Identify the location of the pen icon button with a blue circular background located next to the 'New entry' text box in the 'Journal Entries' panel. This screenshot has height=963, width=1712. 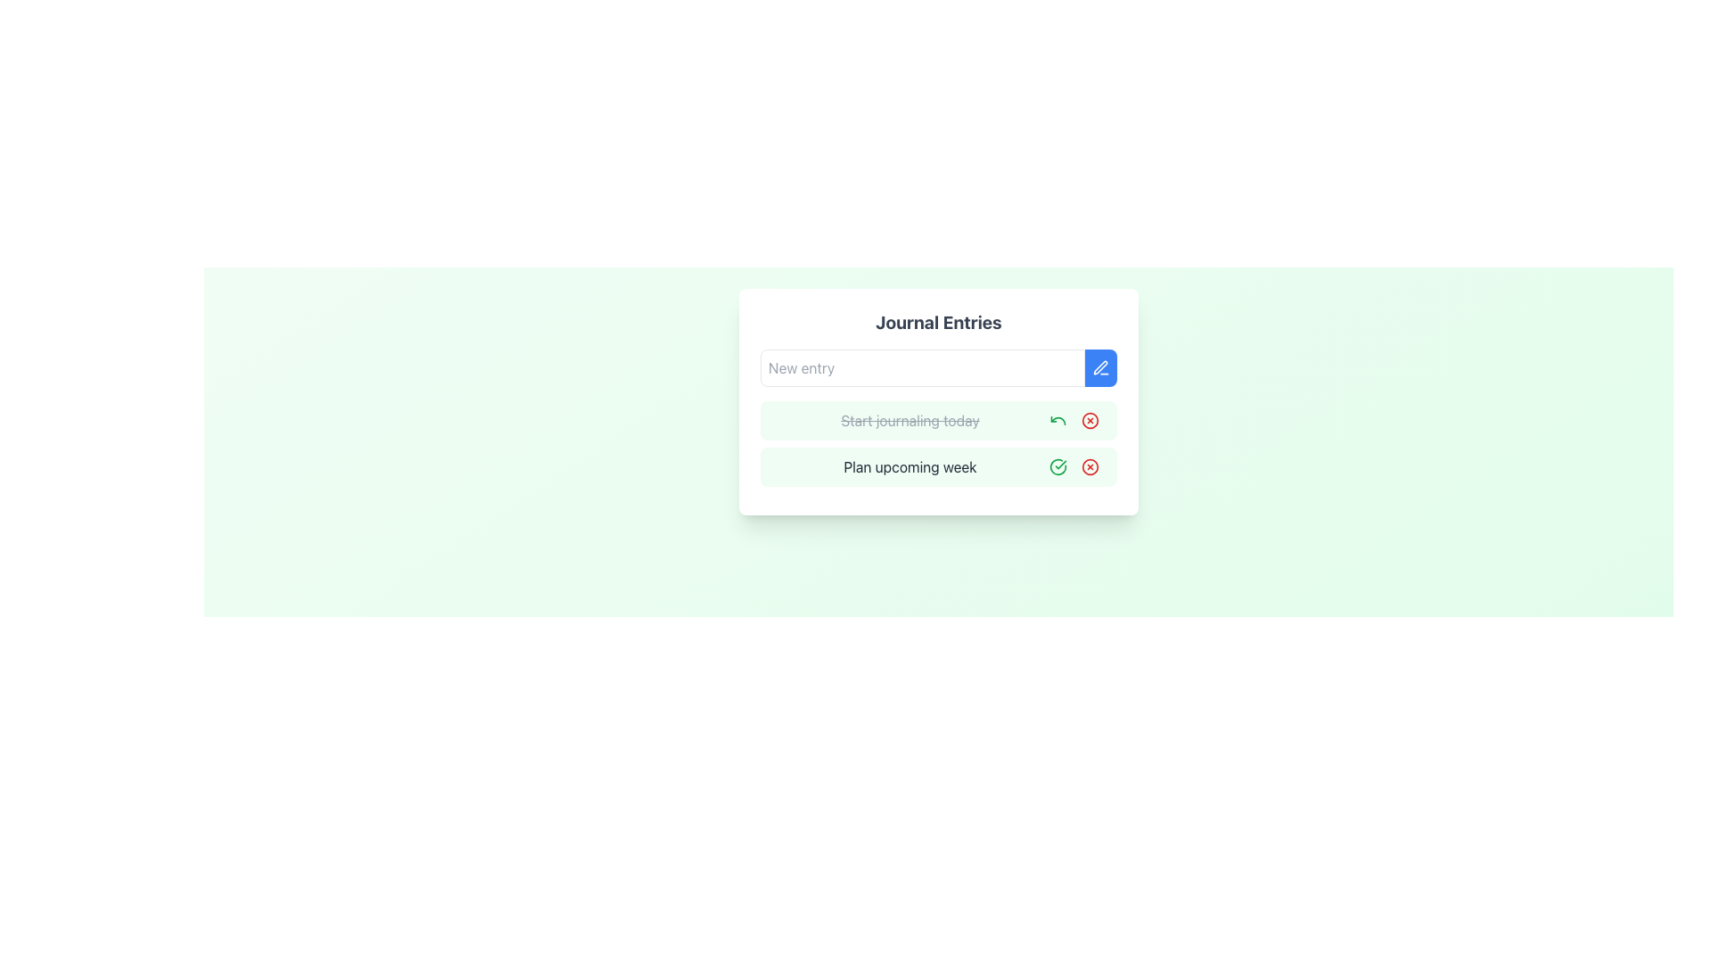
(1099, 366).